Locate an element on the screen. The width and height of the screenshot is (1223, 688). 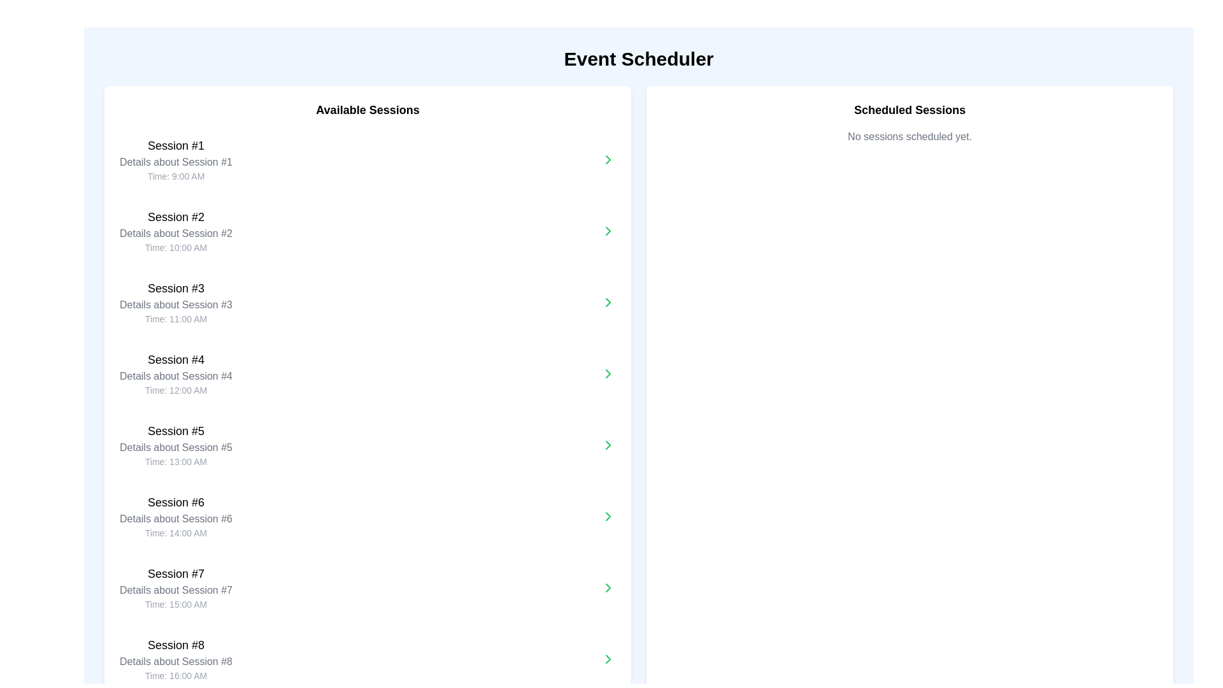
the navigational icon for 'Session #8' located in the 'Available Sessions' section is located at coordinates (608, 659).